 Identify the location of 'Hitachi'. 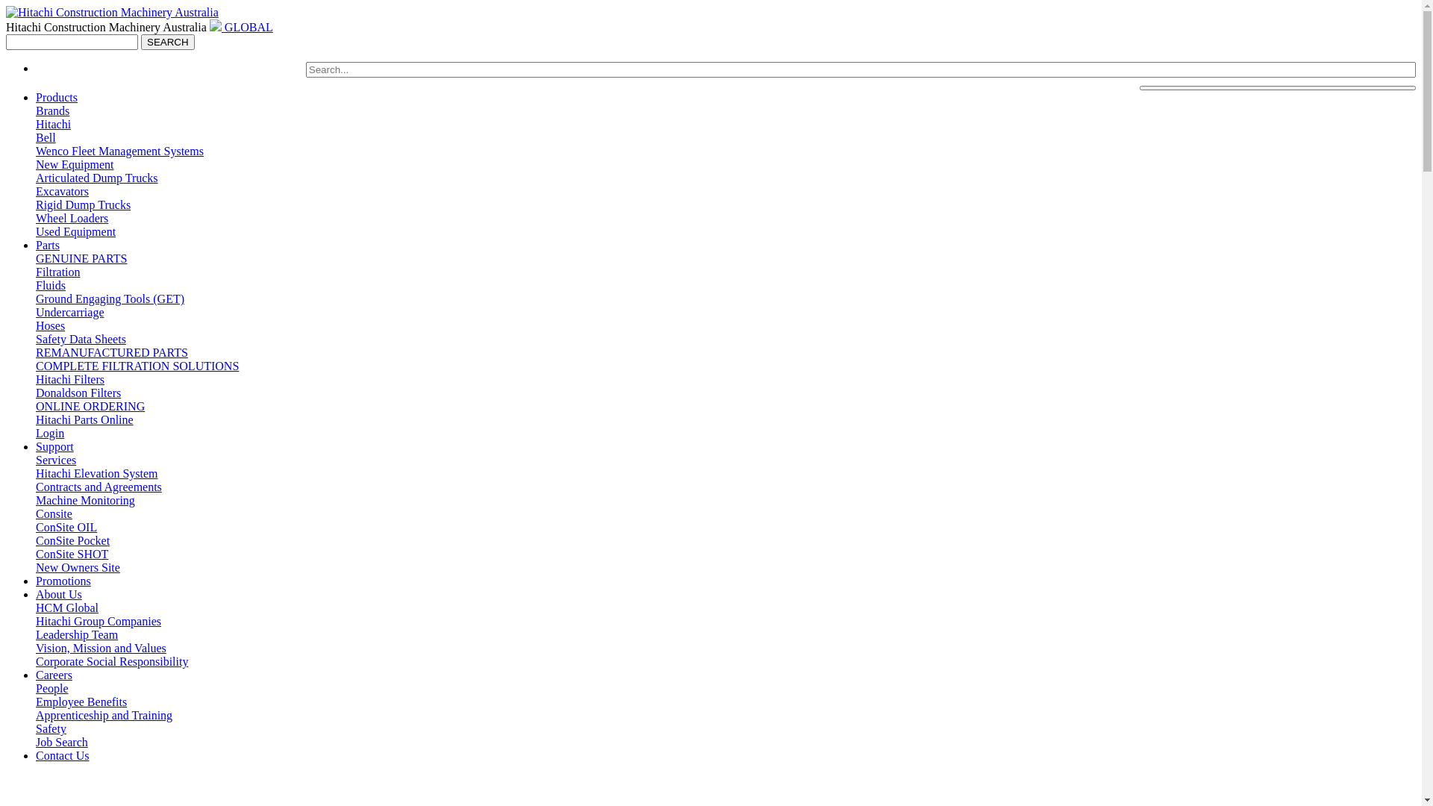
(53, 123).